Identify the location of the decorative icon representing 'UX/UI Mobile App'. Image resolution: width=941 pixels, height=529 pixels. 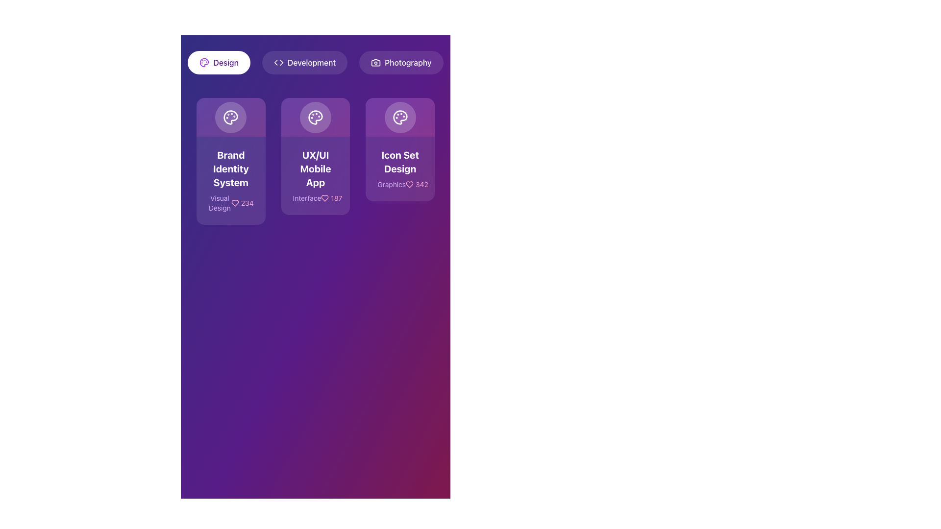
(315, 117).